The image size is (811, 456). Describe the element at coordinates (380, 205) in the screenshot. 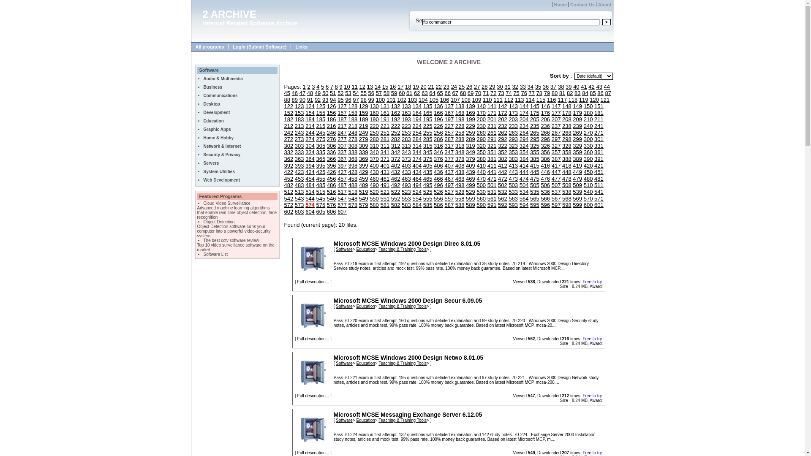

I see `'581'` at that location.